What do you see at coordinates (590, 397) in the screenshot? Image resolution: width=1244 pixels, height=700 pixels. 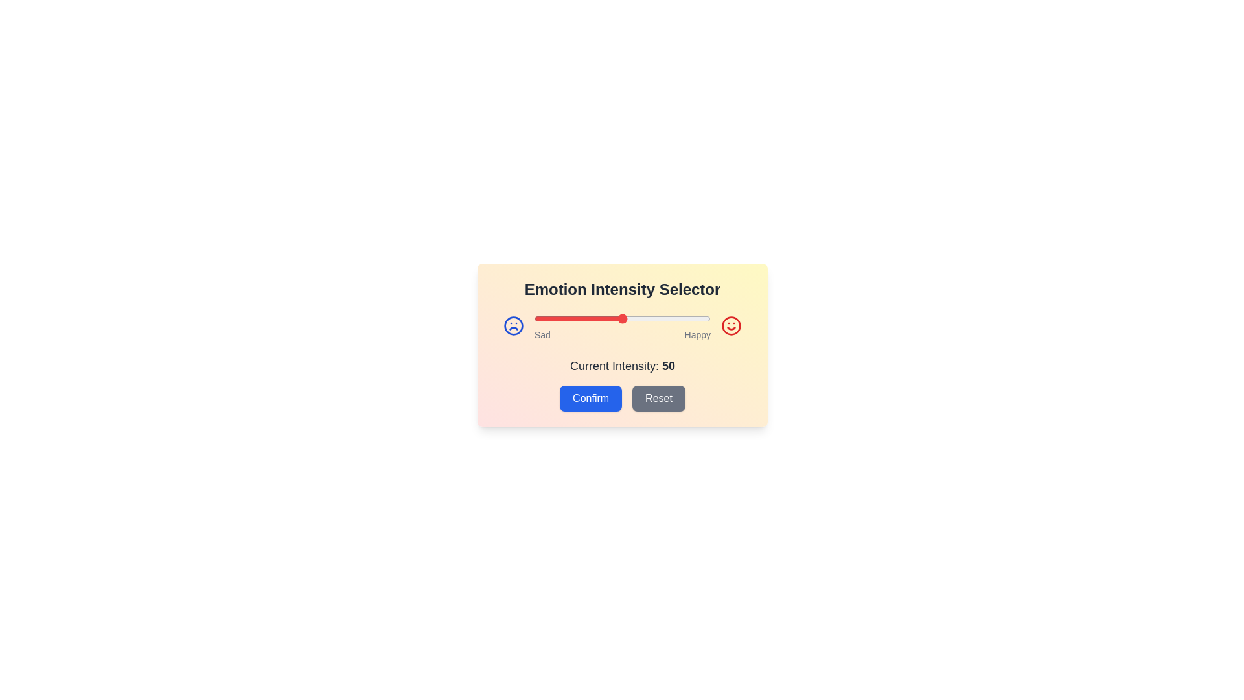 I see `Confirm button to finalize the selection` at bounding box center [590, 397].